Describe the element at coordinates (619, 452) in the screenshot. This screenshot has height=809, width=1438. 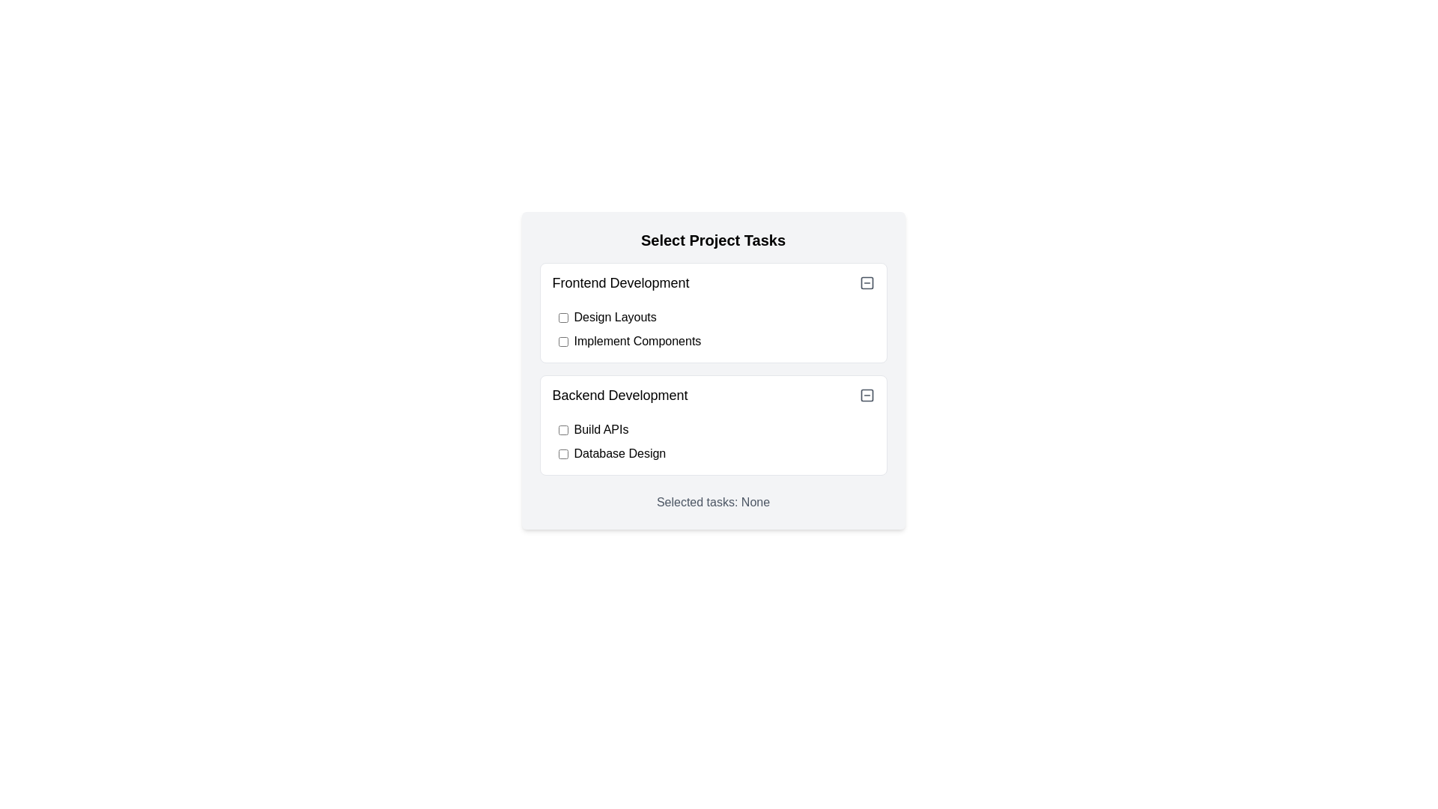
I see `the label describing the task 'Database Design' located in the 'Backend Development' section of the 'Select Project Tasks' dialog box, which is to the right of the associated checkbox` at that location.